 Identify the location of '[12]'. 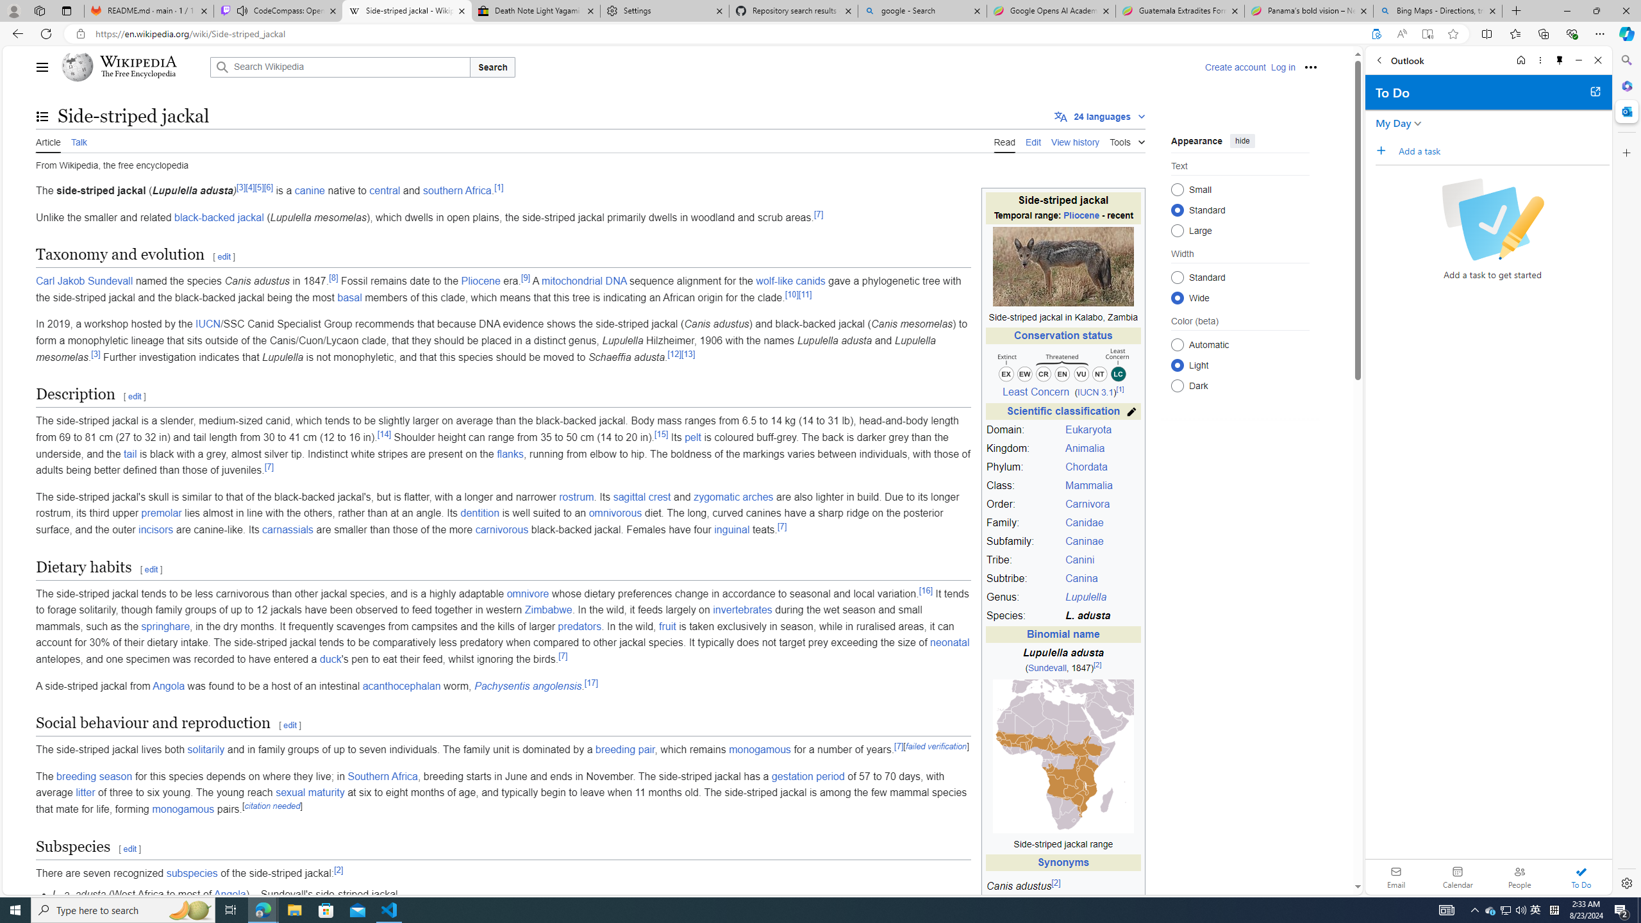
(674, 353).